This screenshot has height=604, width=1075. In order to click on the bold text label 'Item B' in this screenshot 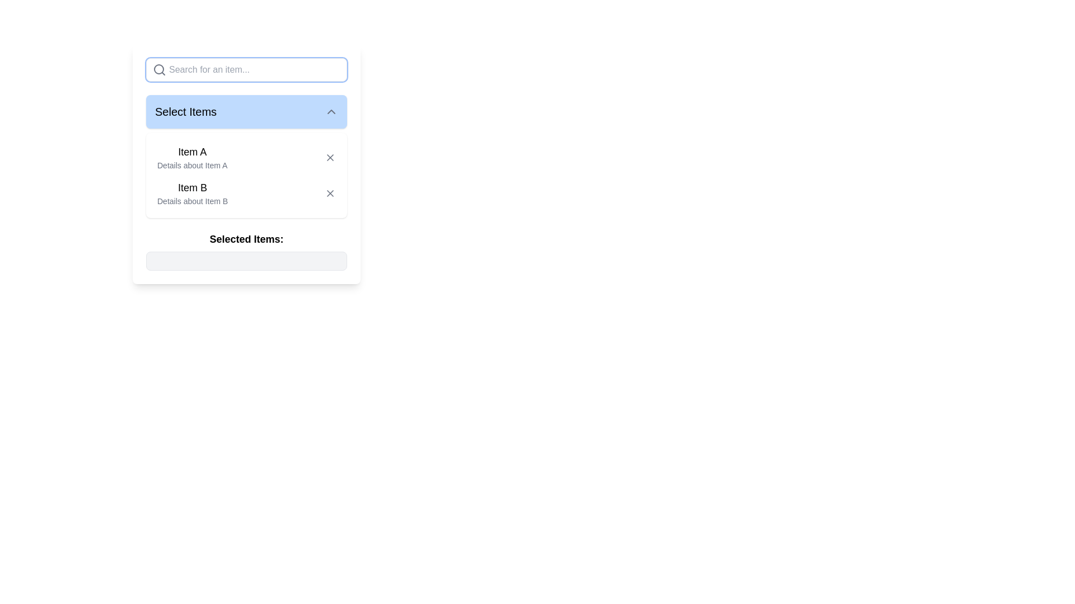, I will do `click(193, 187)`.